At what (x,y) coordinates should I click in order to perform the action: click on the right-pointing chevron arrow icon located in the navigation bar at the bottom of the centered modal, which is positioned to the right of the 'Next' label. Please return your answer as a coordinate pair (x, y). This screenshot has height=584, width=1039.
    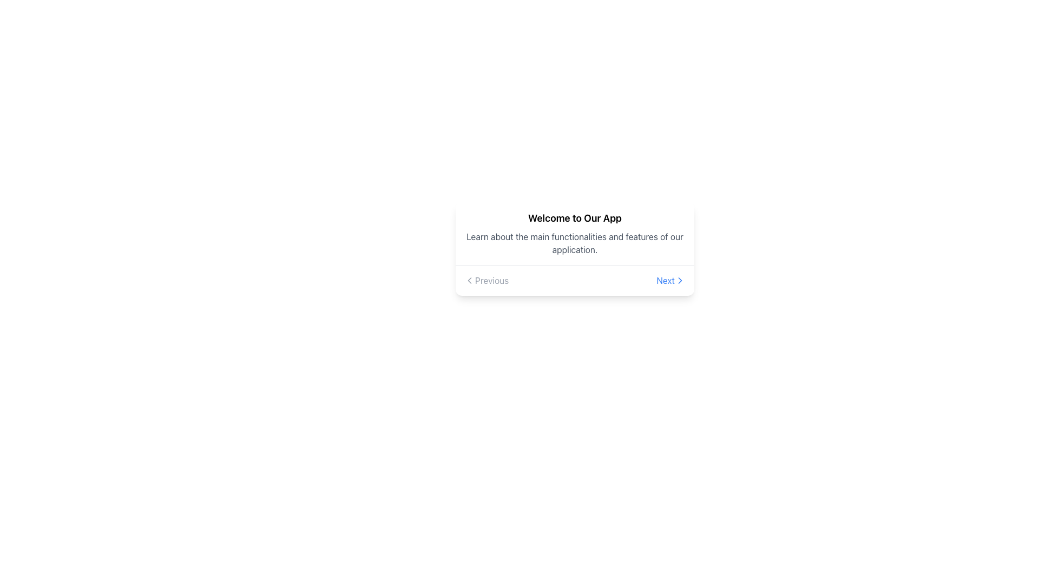
    Looking at the image, I should click on (680, 280).